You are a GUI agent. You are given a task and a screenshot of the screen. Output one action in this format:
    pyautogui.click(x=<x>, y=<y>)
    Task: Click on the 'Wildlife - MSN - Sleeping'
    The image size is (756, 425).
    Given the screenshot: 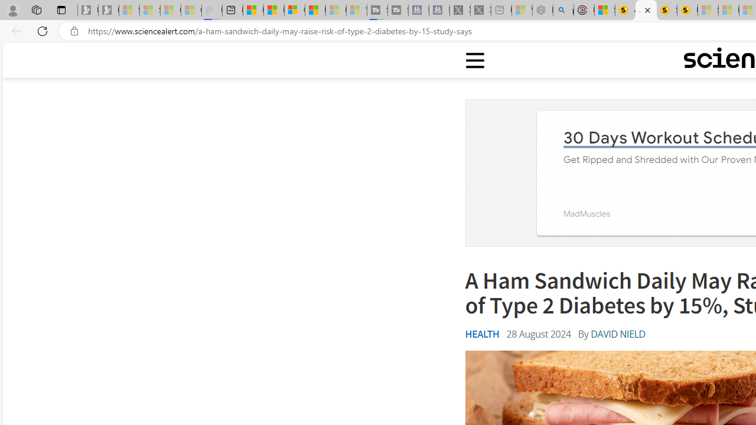 What is the action you would take?
    pyautogui.click(x=521, y=10)
    